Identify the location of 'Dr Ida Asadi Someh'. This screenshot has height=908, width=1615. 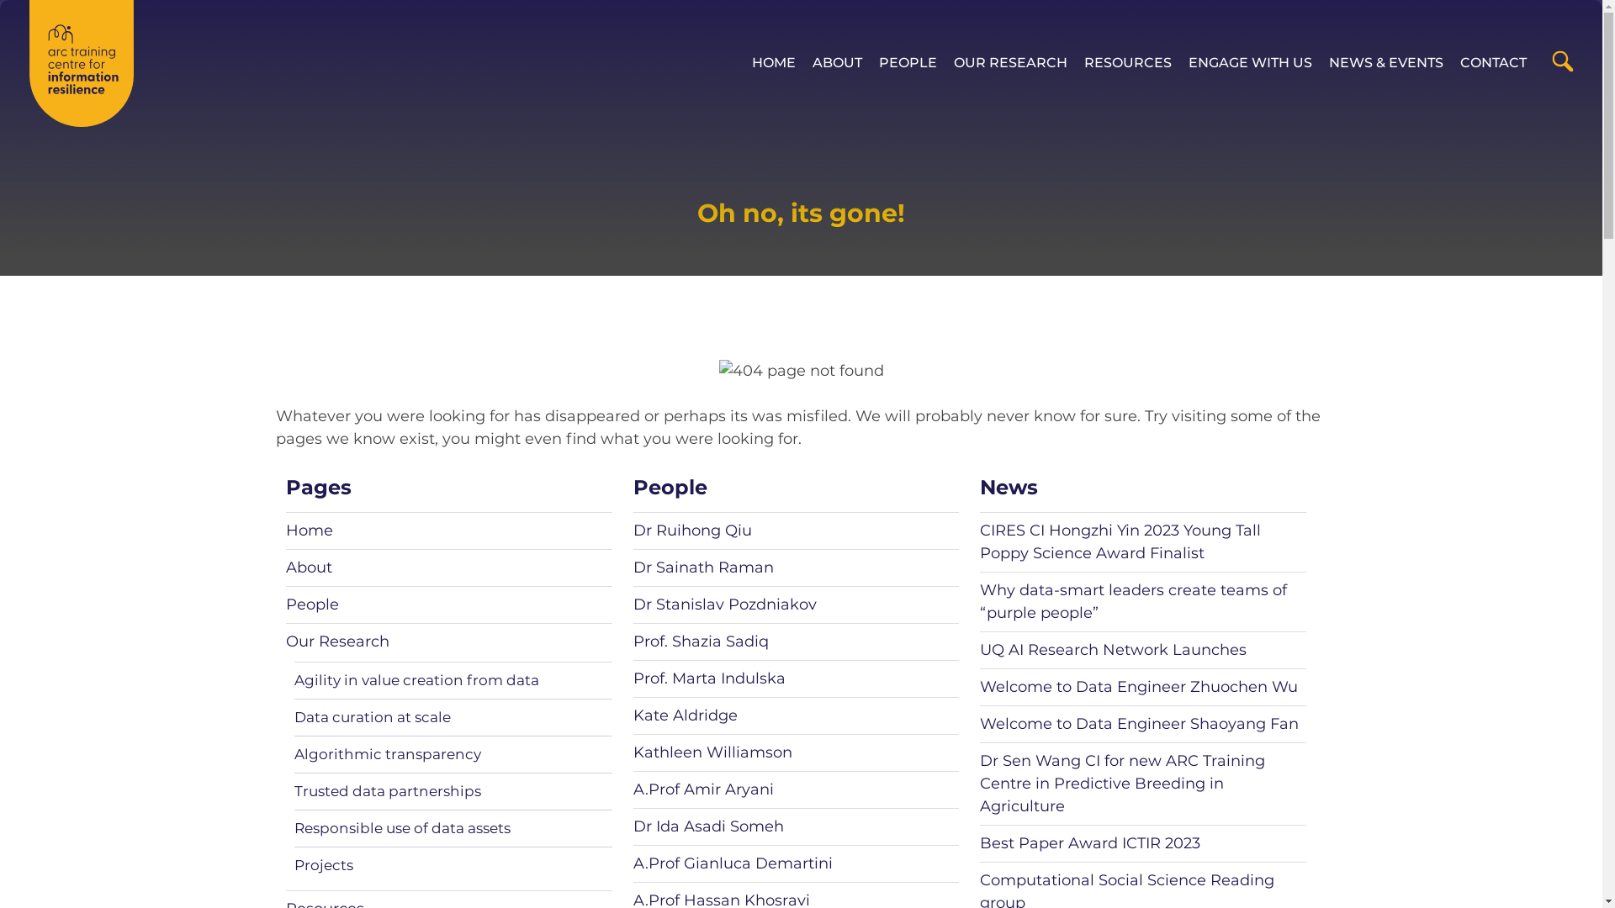
(707, 826).